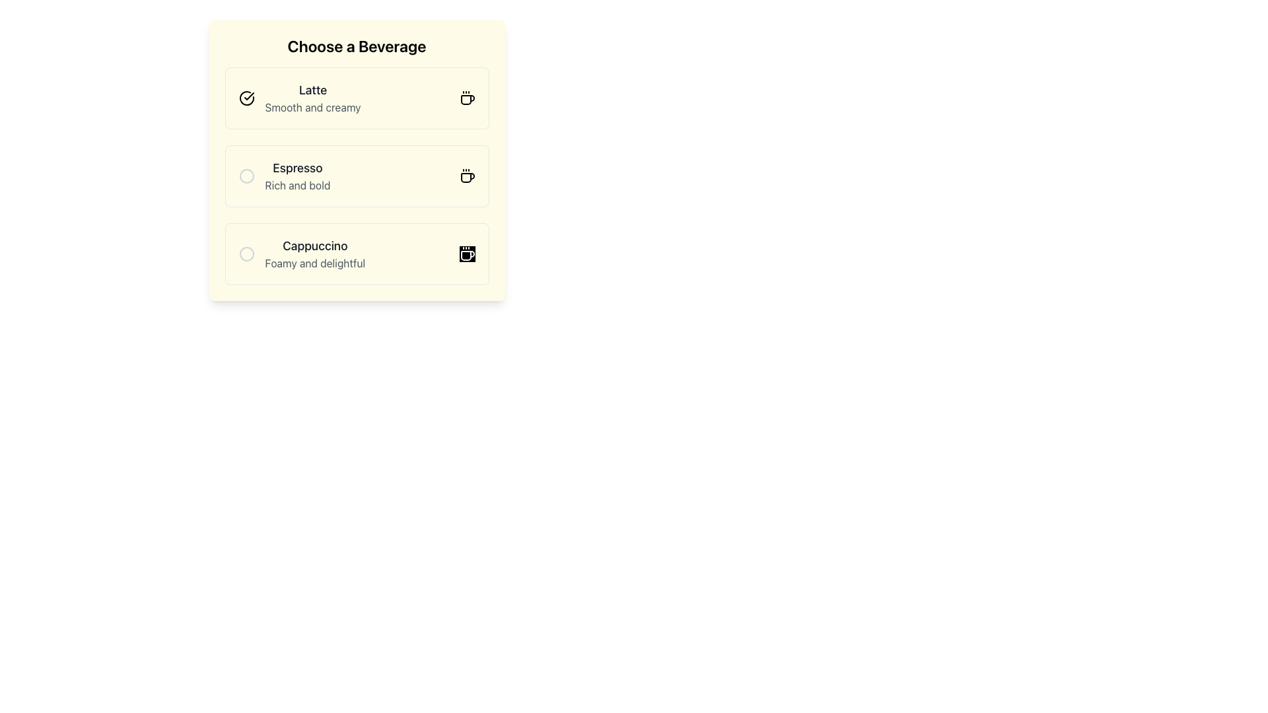 This screenshot has width=1268, height=713. Describe the element at coordinates (467, 175) in the screenshot. I see `the small coffee cup icon with three steam lines, located at the right side of the 'Espresso - Rich and Bold' selection card` at that location.